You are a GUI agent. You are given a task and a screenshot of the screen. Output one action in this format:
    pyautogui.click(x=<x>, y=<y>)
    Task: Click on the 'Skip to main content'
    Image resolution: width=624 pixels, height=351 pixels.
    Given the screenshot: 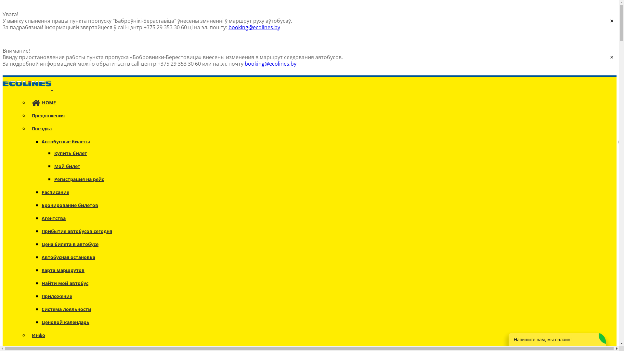 What is the action you would take?
    pyautogui.click(x=28, y=3)
    